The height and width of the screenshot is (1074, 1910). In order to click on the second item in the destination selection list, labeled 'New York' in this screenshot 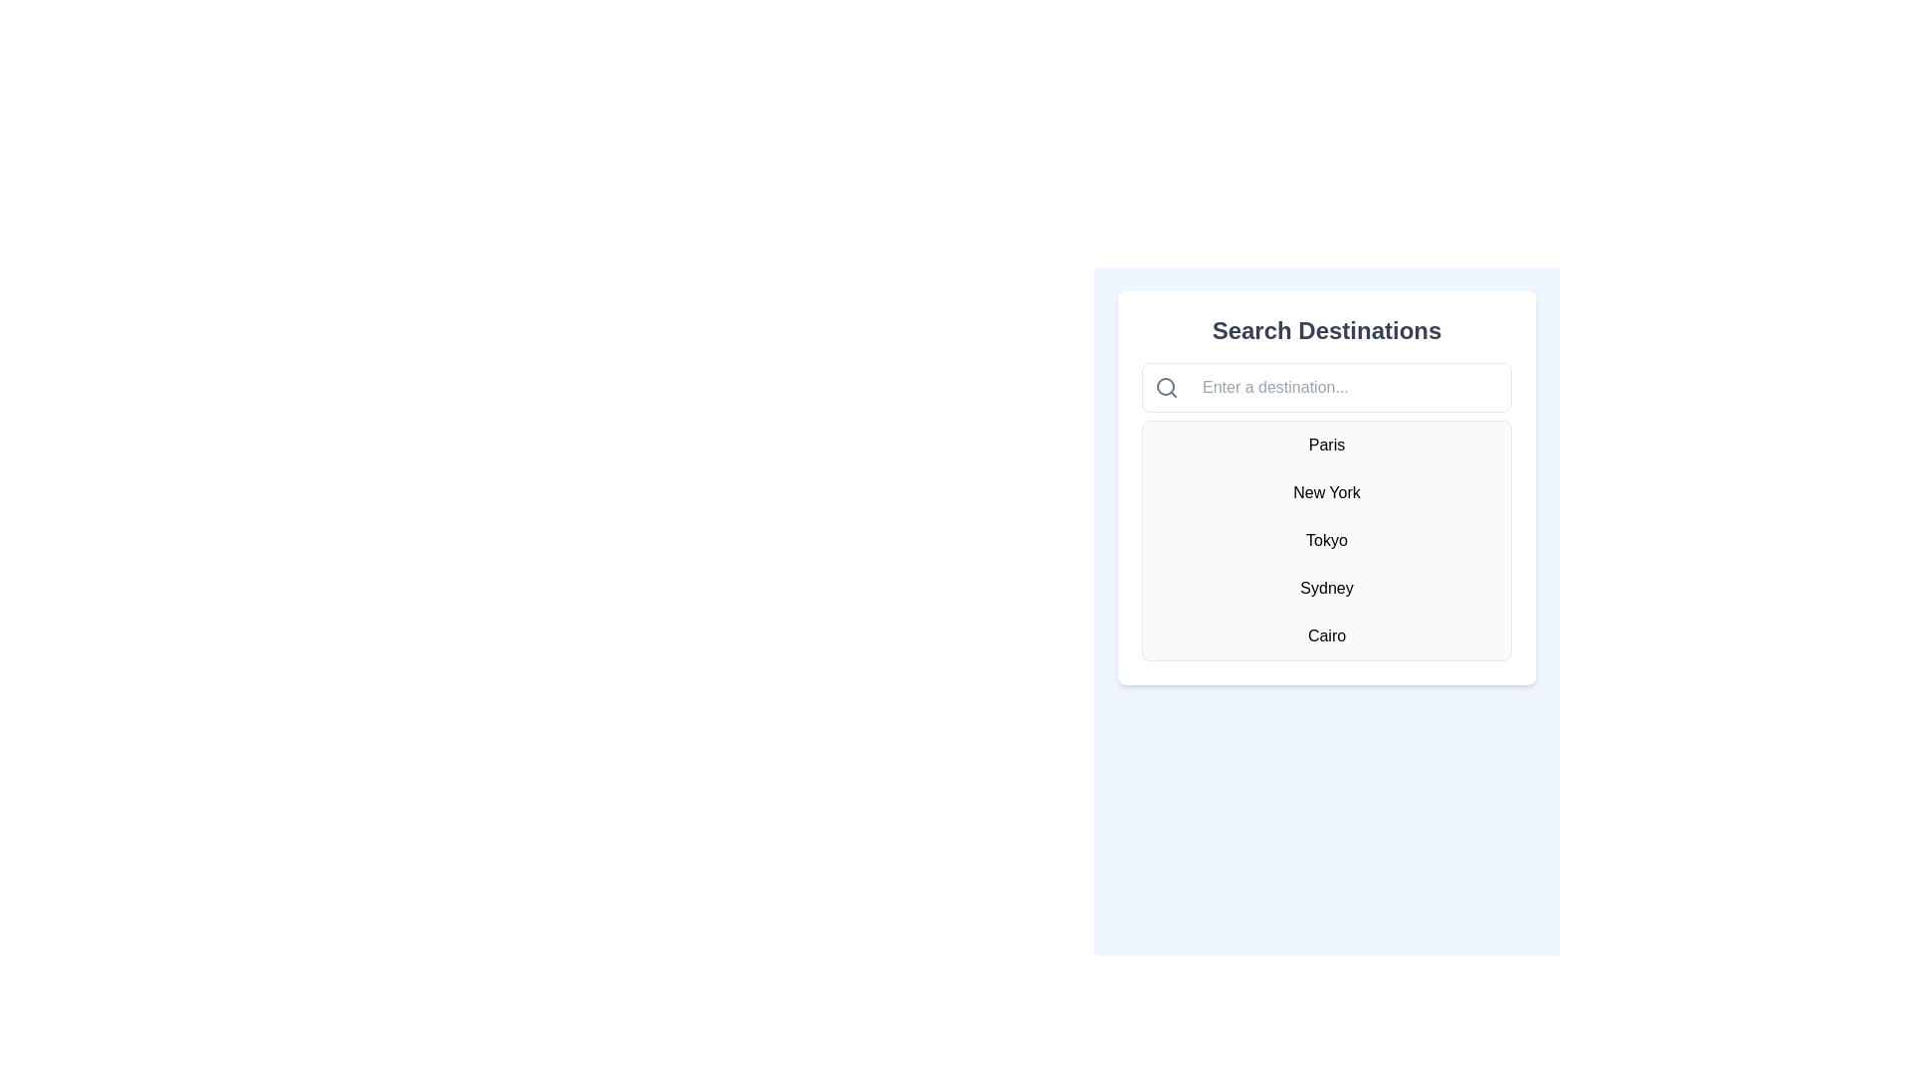, I will do `click(1327, 492)`.